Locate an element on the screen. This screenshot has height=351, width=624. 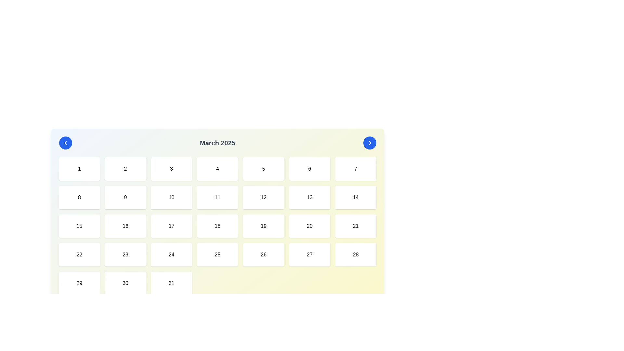
the button displaying the number '26' is located at coordinates (264, 254).